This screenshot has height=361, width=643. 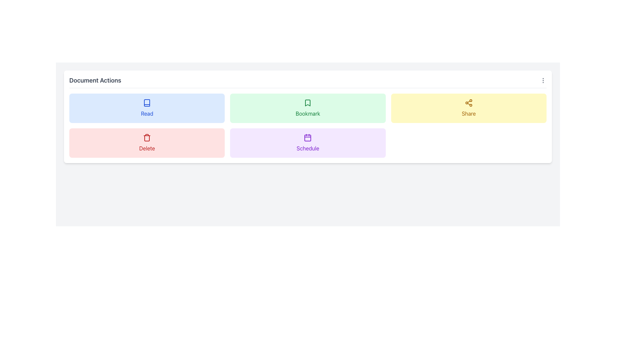 What do you see at coordinates (307, 143) in the screenshot?
I see `the scheduling button located in the center column of the second row of the grid layout, directly below the 'Bookmark' button and to the right of the 'Delete' button` at bounding box center [307, 143].